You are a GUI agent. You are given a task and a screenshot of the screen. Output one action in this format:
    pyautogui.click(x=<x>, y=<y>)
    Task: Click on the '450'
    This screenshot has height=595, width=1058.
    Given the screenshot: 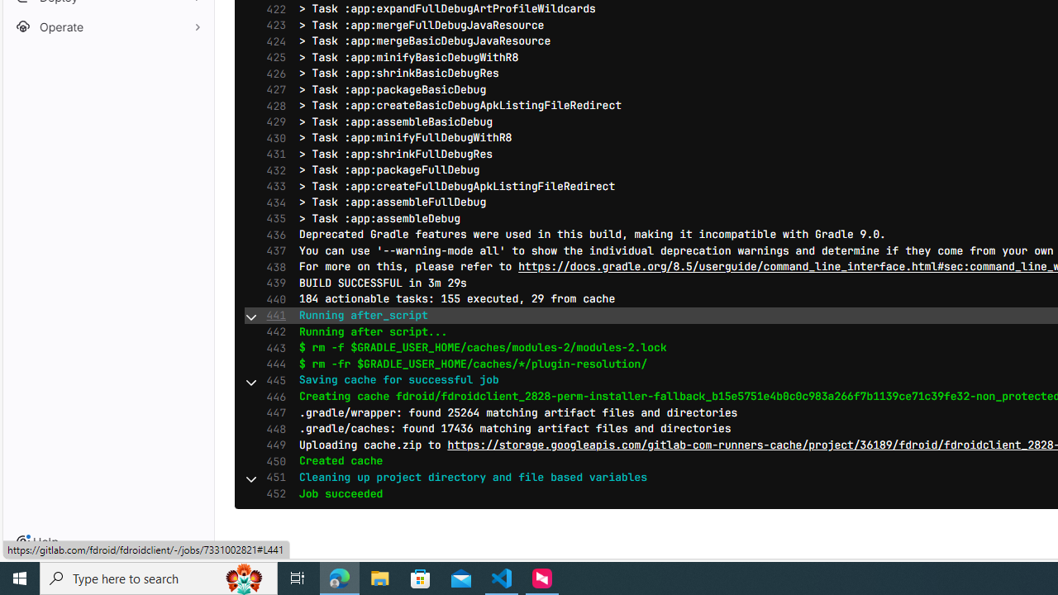 What is the action you would take?
    pyautogui.click(x=272, y=461)
    